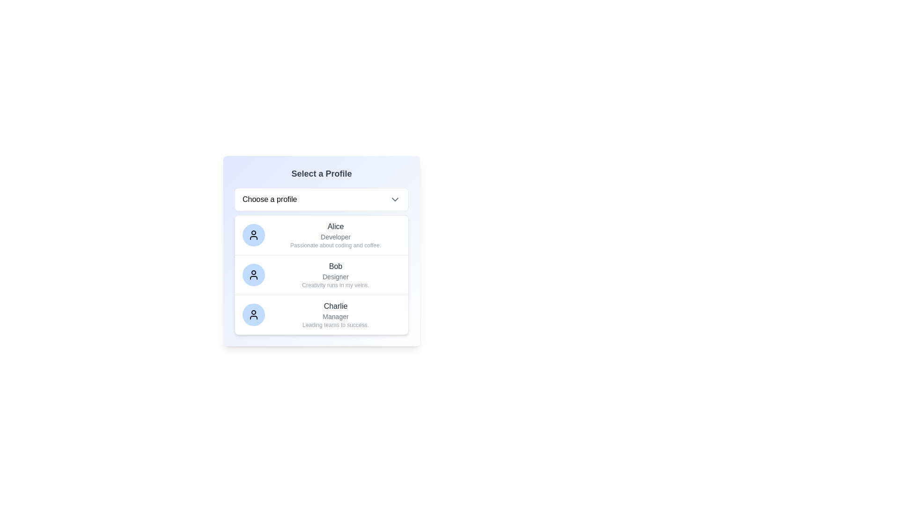 This screenshot has height=506, width=899. What do you see at coordinates (335, 306) in the screenshot?
I see `text label displaying the name 'Charlie', which is a dark gray, medium-weight font located centrally within the third profile option in the profile selection interface` at bounding box center [335, 306].